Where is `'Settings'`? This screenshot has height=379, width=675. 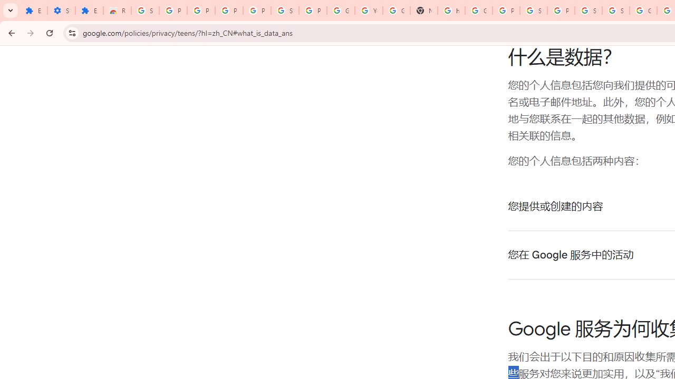
'Settings' is located at coordinates (61, 11).